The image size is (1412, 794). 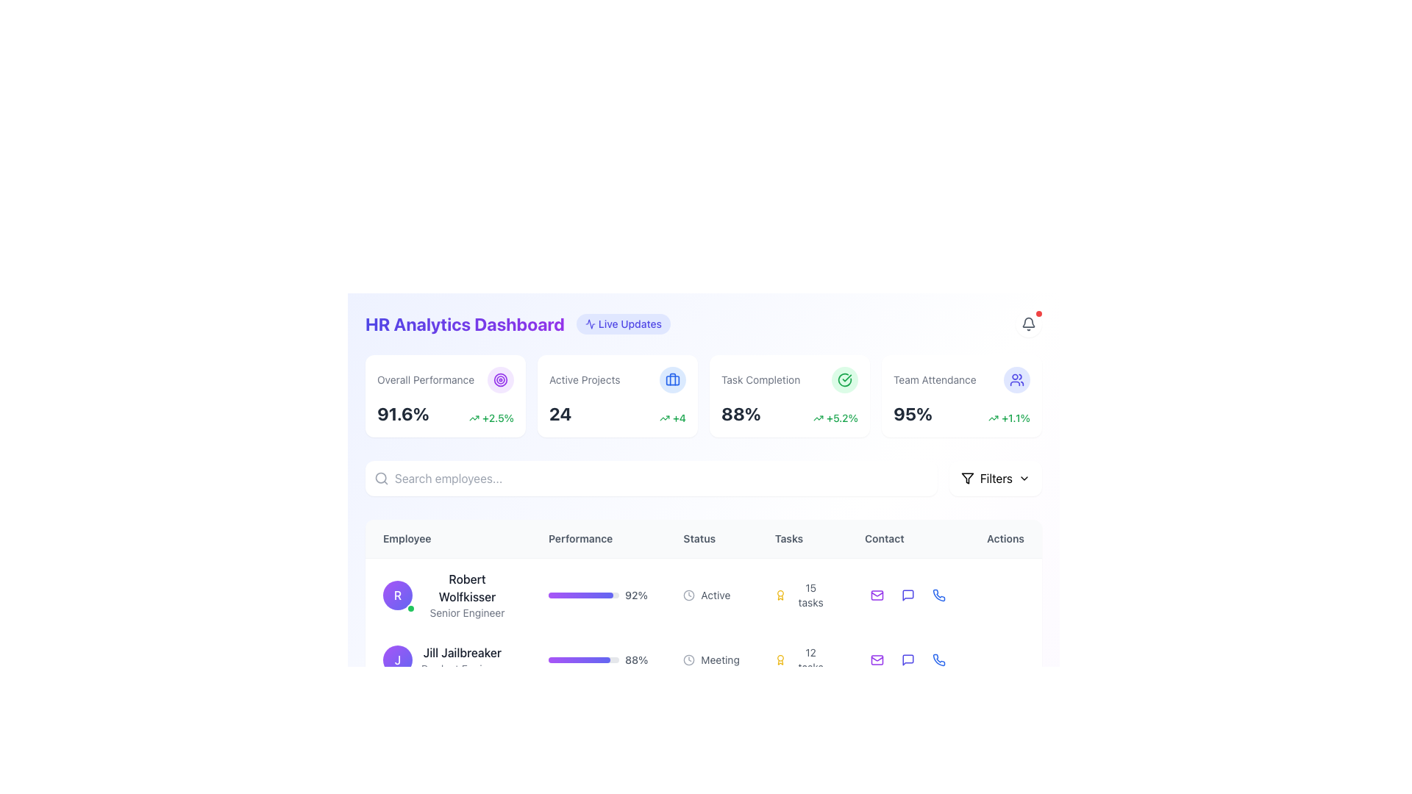 I want to click on the indigo outlined button with a chat bubble icon located on the right side of the contact actions for employee Robert Wolfkisser, which is the second button in the contact row, so click(x=908, y=595).